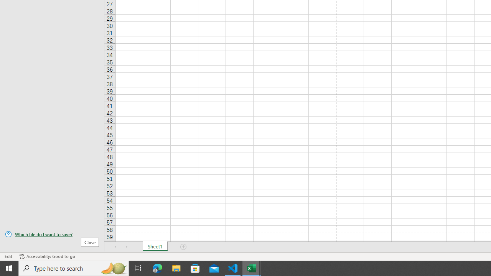 The image size is (491, 276). What do you see at coordinates (155, 247) in the screenshot?
I see `'Sheet1'` at bounding box center [155, 247].